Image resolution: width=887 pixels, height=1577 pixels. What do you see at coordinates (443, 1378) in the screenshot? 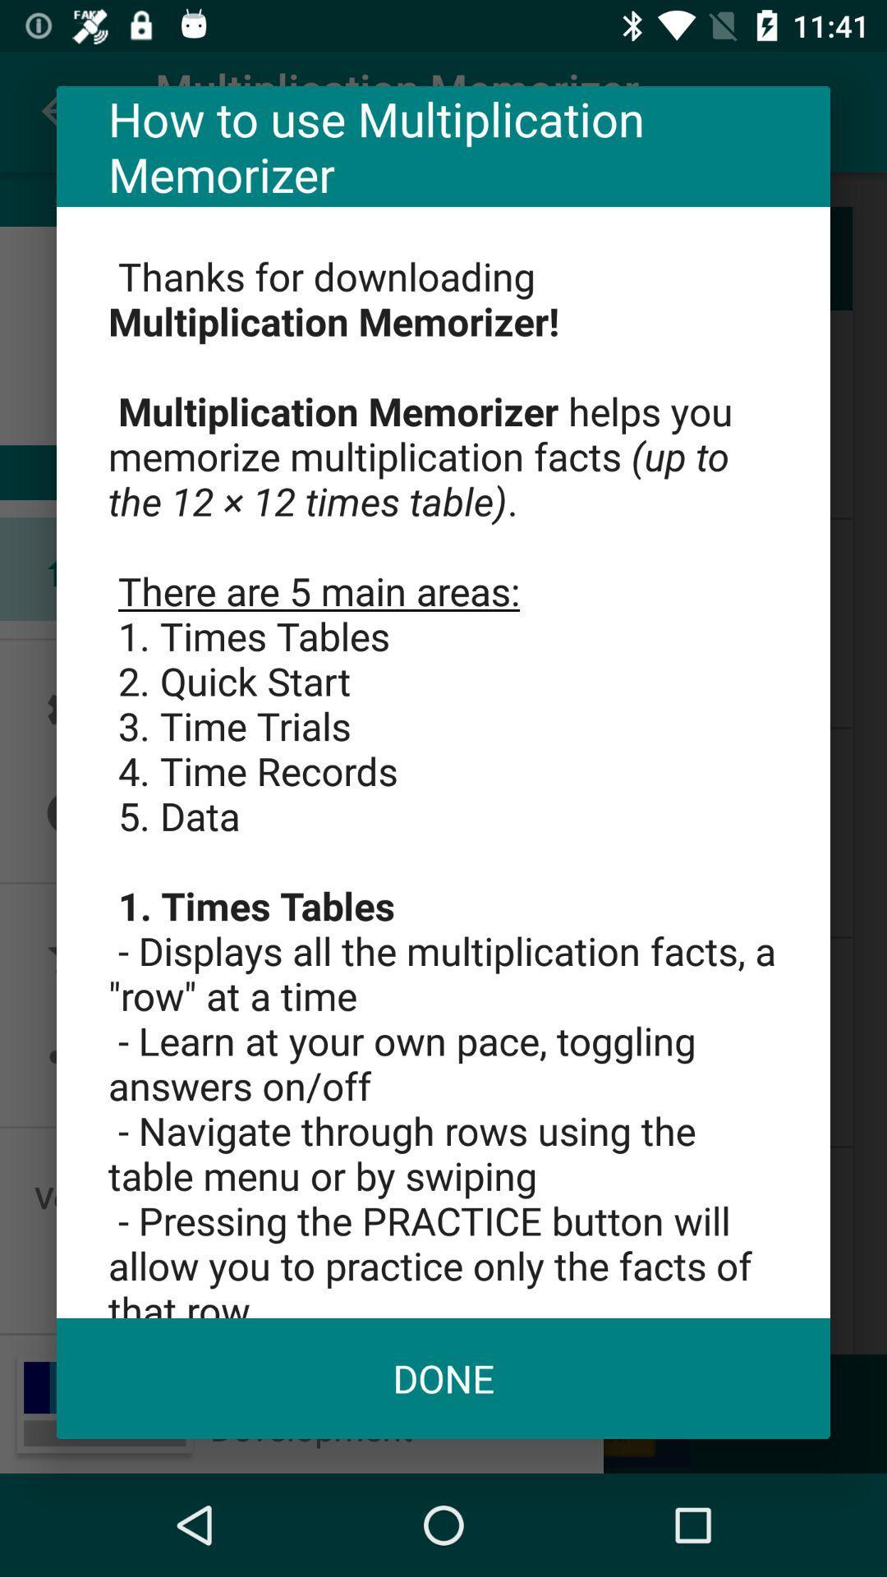
I see `icon at the bottom` at bounding box center [443, 1378].